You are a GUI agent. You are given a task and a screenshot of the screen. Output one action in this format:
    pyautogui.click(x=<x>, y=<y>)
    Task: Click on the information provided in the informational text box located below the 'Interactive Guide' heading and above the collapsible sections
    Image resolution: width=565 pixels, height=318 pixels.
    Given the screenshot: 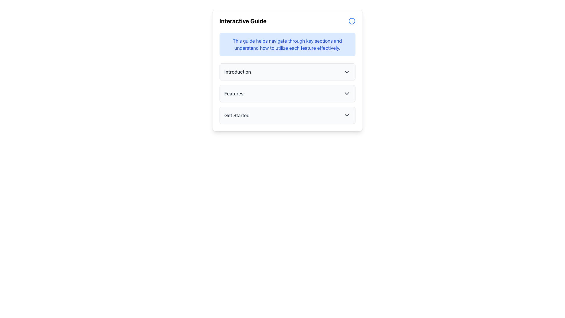 What is the action you would take?
    pyautogui.click(x=287, y=44)
    